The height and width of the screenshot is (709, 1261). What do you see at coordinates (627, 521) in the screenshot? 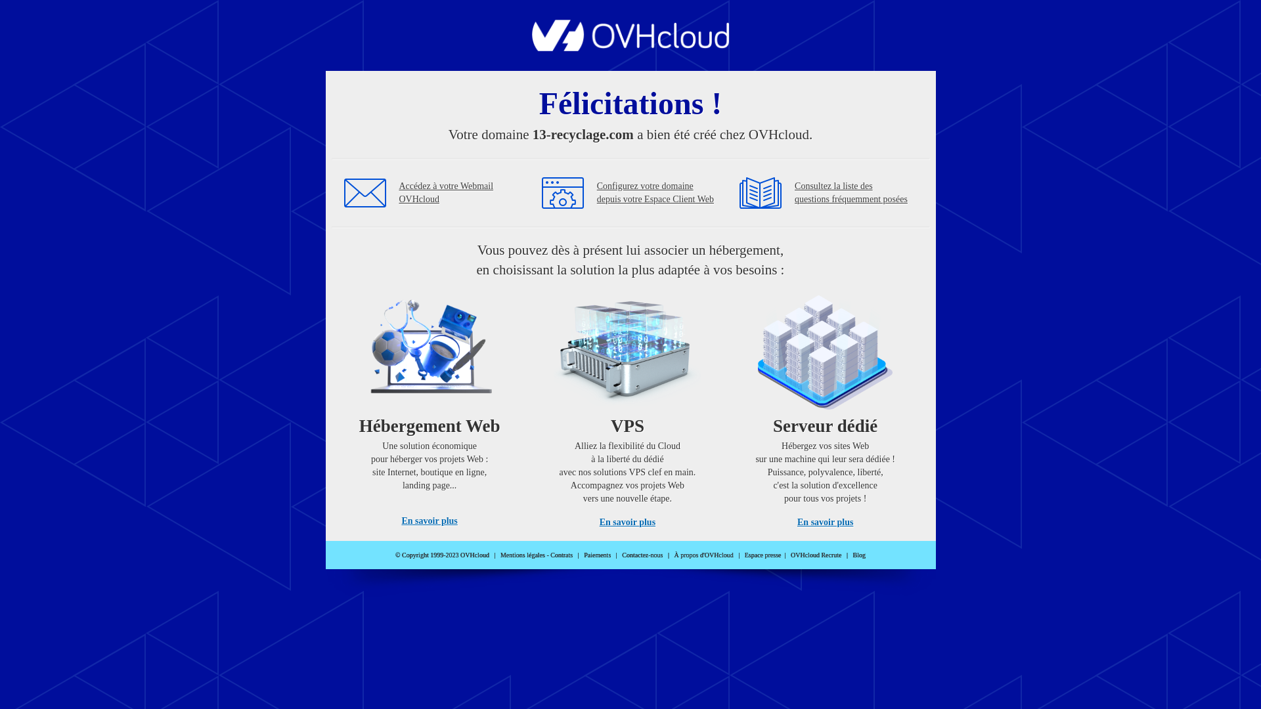
I see `'En savoir plus'` at bounding box center [627, 521].